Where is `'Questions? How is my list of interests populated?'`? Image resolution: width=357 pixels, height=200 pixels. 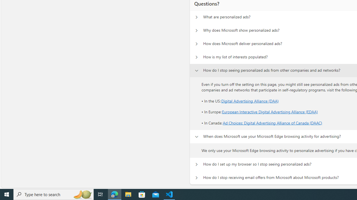
'Questions? How is my list of interests populated?' is located at coordinates (196, 57).